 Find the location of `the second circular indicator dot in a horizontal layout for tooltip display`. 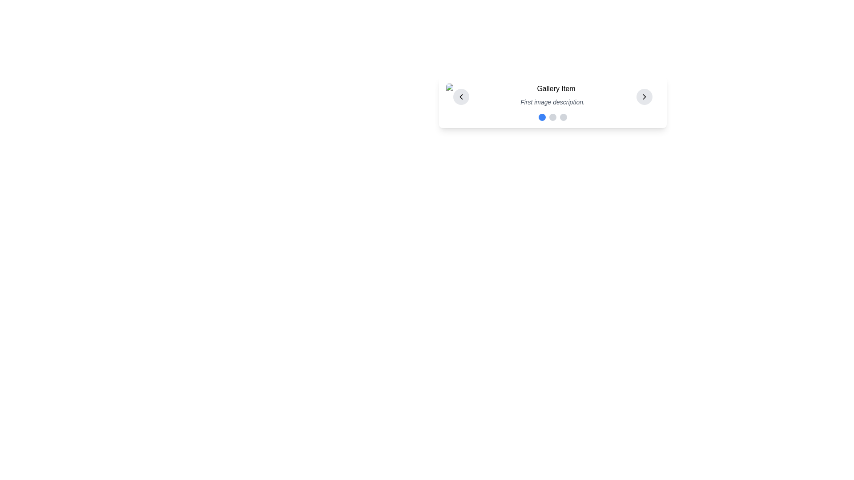

the second circular indicator dot in a horizontal layout for tooltip display is located at coordinates (552, 116).